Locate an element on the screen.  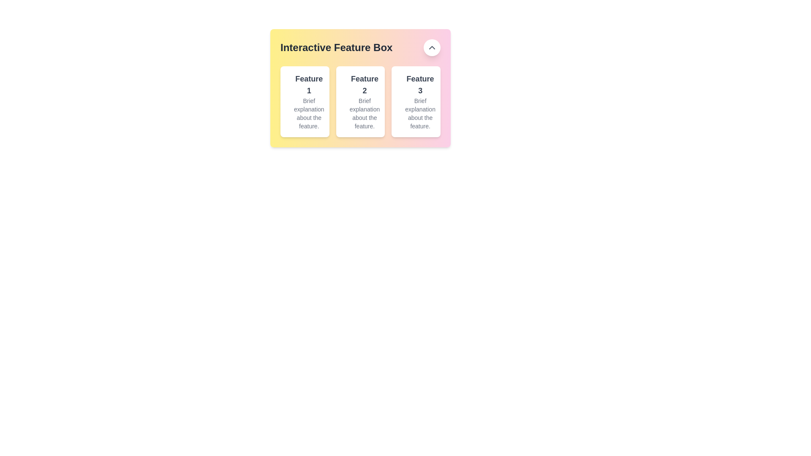
the informational card or panel displaying information about Feature 3, located in the third column of the layout is located at coordinates (420, 101).